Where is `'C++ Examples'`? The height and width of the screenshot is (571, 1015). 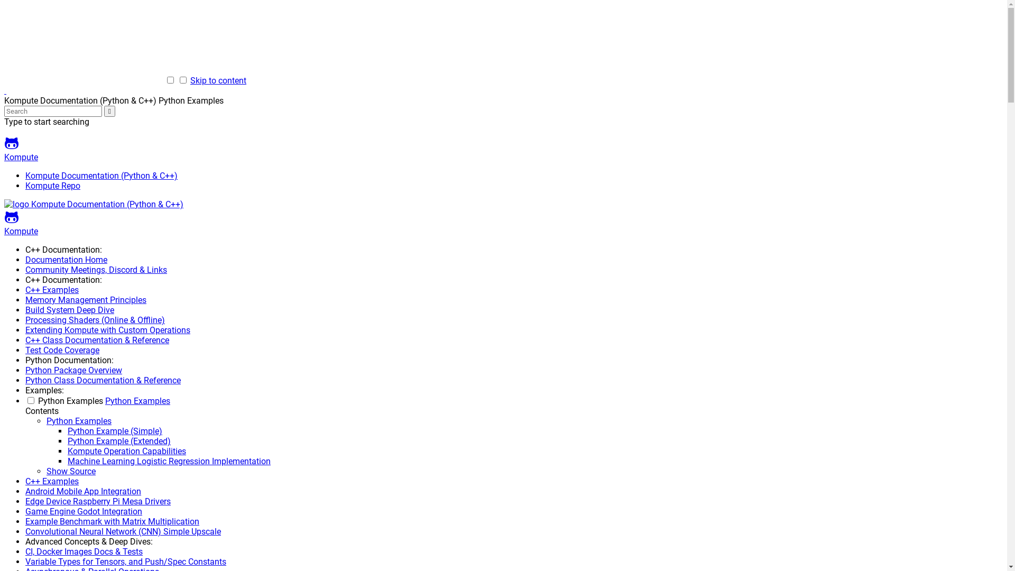
'C++ Examples' is located at coordinates (51, 290).